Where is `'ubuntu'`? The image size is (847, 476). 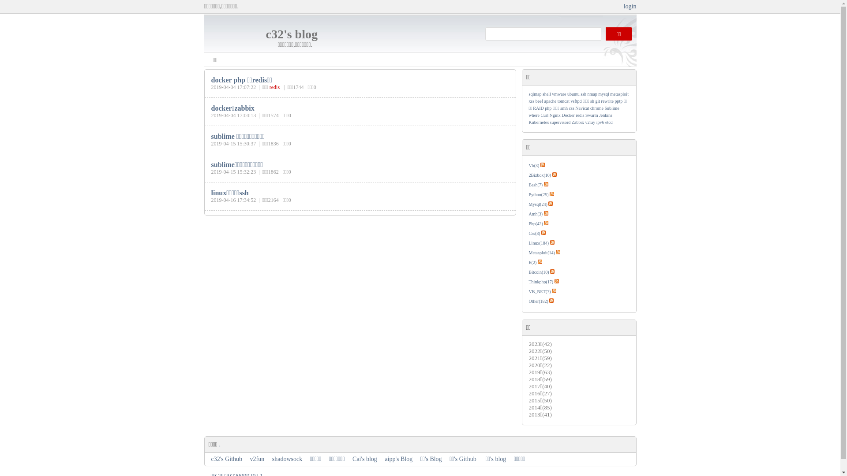 'ubuntu' is located at coordinates (573, 94).